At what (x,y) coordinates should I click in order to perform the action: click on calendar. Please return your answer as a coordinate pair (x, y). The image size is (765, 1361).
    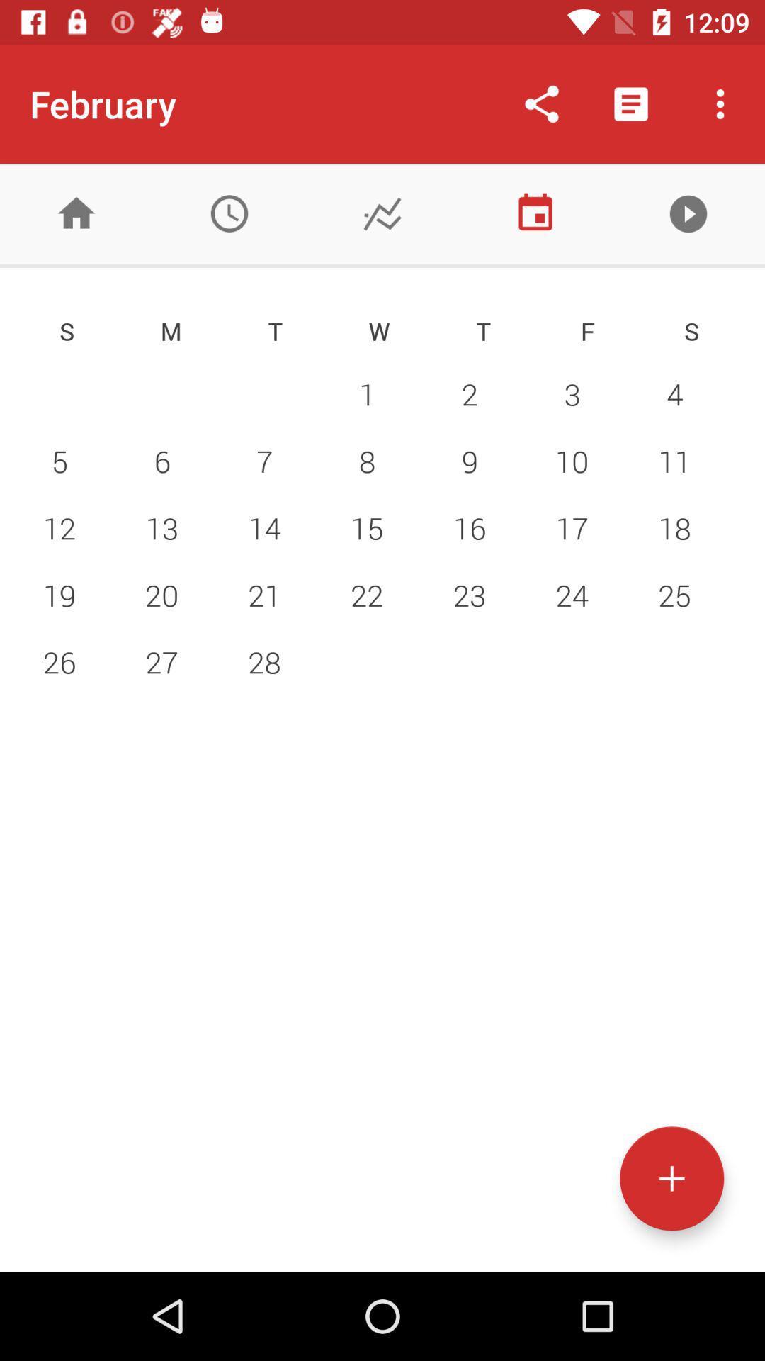
    Looking at the image, I should click on (535, 213).